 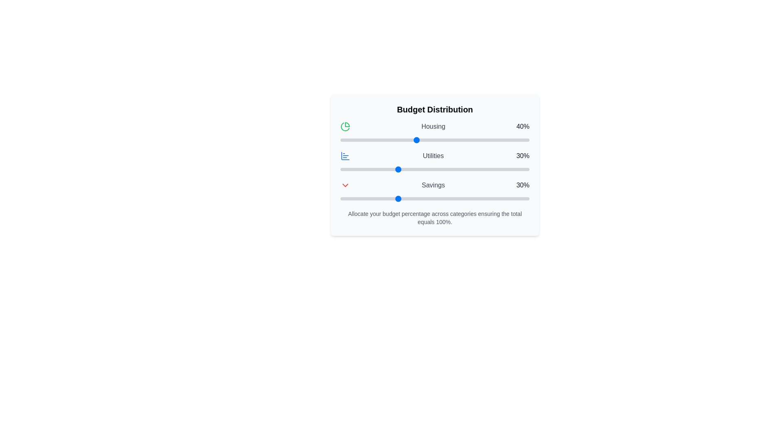 What do you see at coordinates (501, 169) in the screenshot?
I see `the slider value` at bounding box center [501, 169].